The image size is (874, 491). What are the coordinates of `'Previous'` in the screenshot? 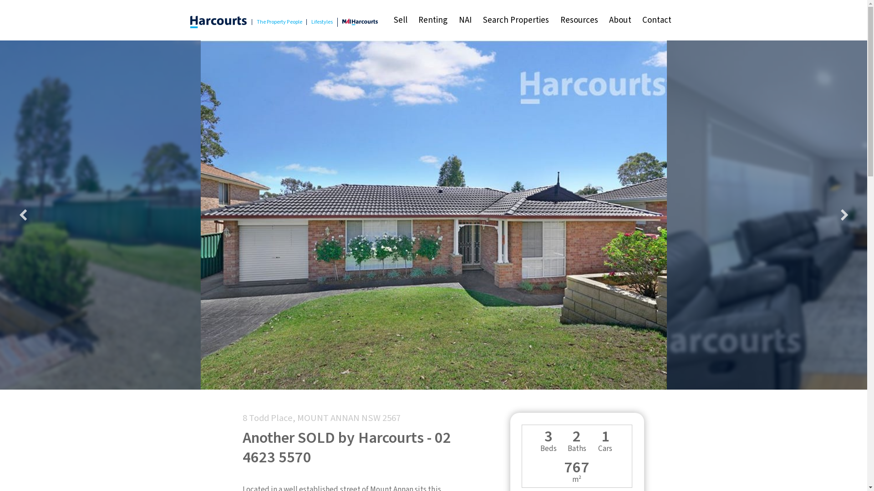 It's located at (11, 215).